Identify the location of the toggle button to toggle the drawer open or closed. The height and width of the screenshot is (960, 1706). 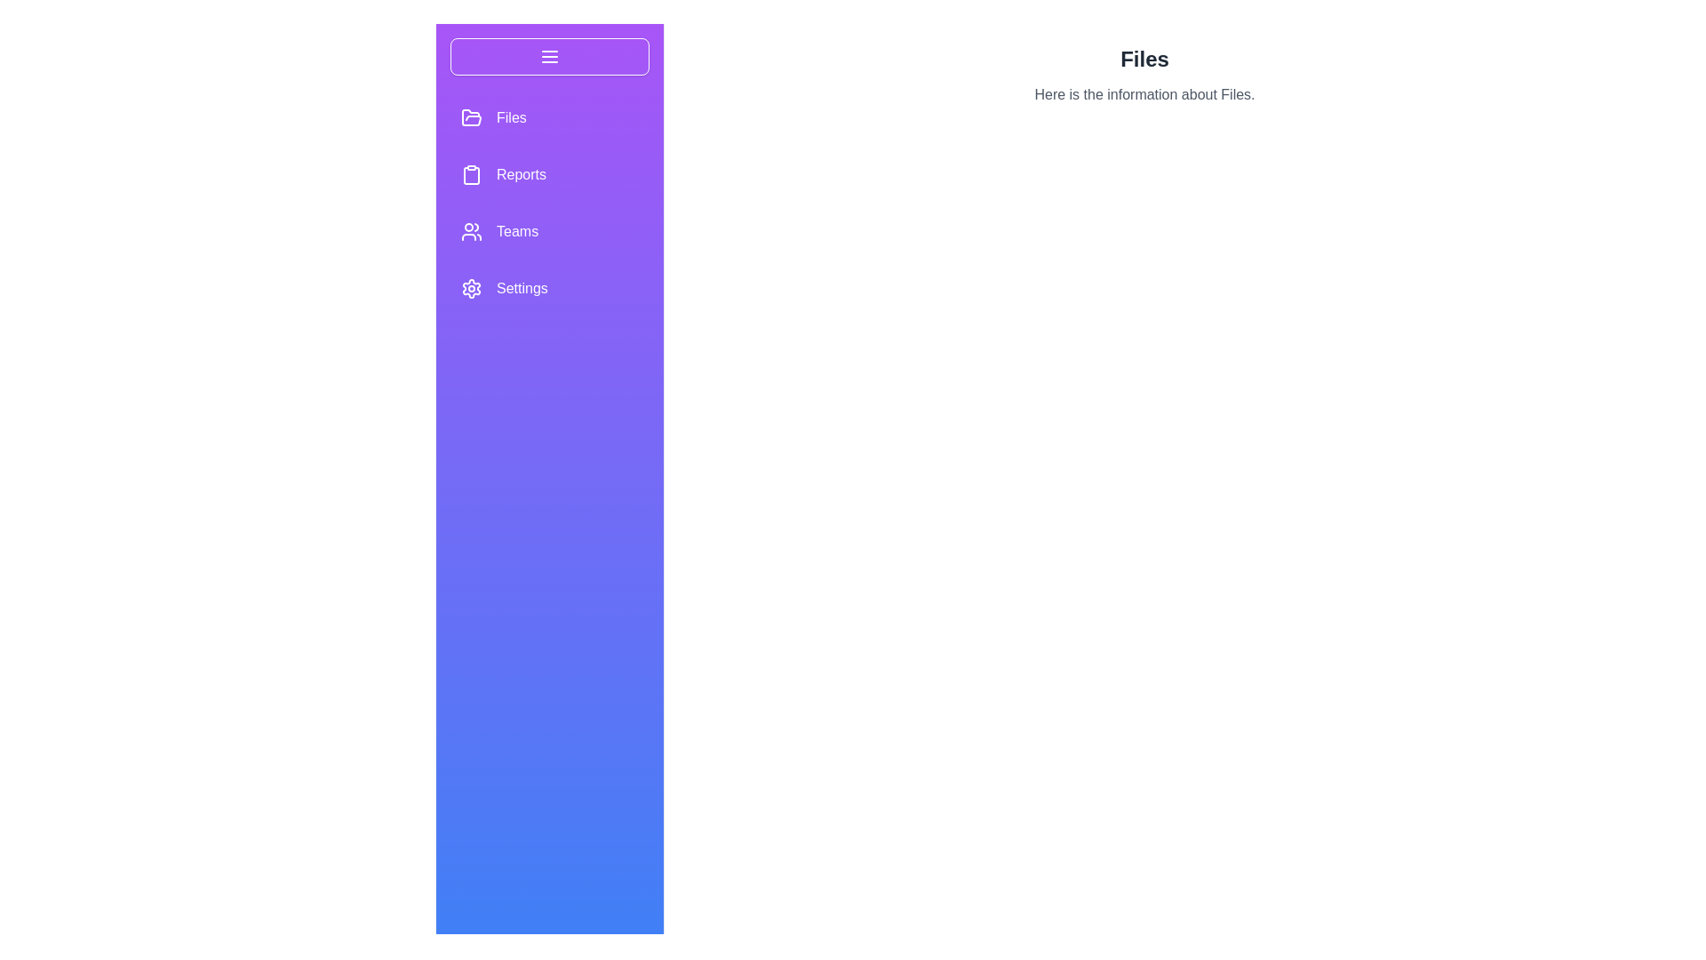
(549, 56).